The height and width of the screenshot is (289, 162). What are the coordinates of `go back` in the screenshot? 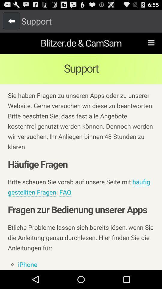 It's located at (11, 21).